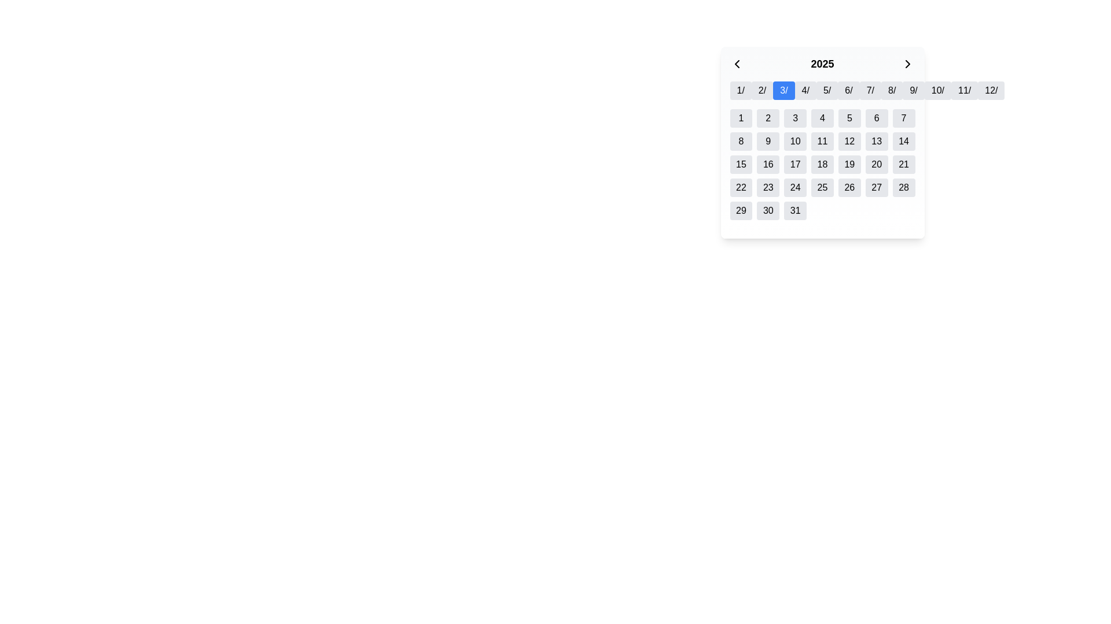 The image size is (1111, 624). I want to click on the October button in the month-selection row of the calendar, so click(937, 90).